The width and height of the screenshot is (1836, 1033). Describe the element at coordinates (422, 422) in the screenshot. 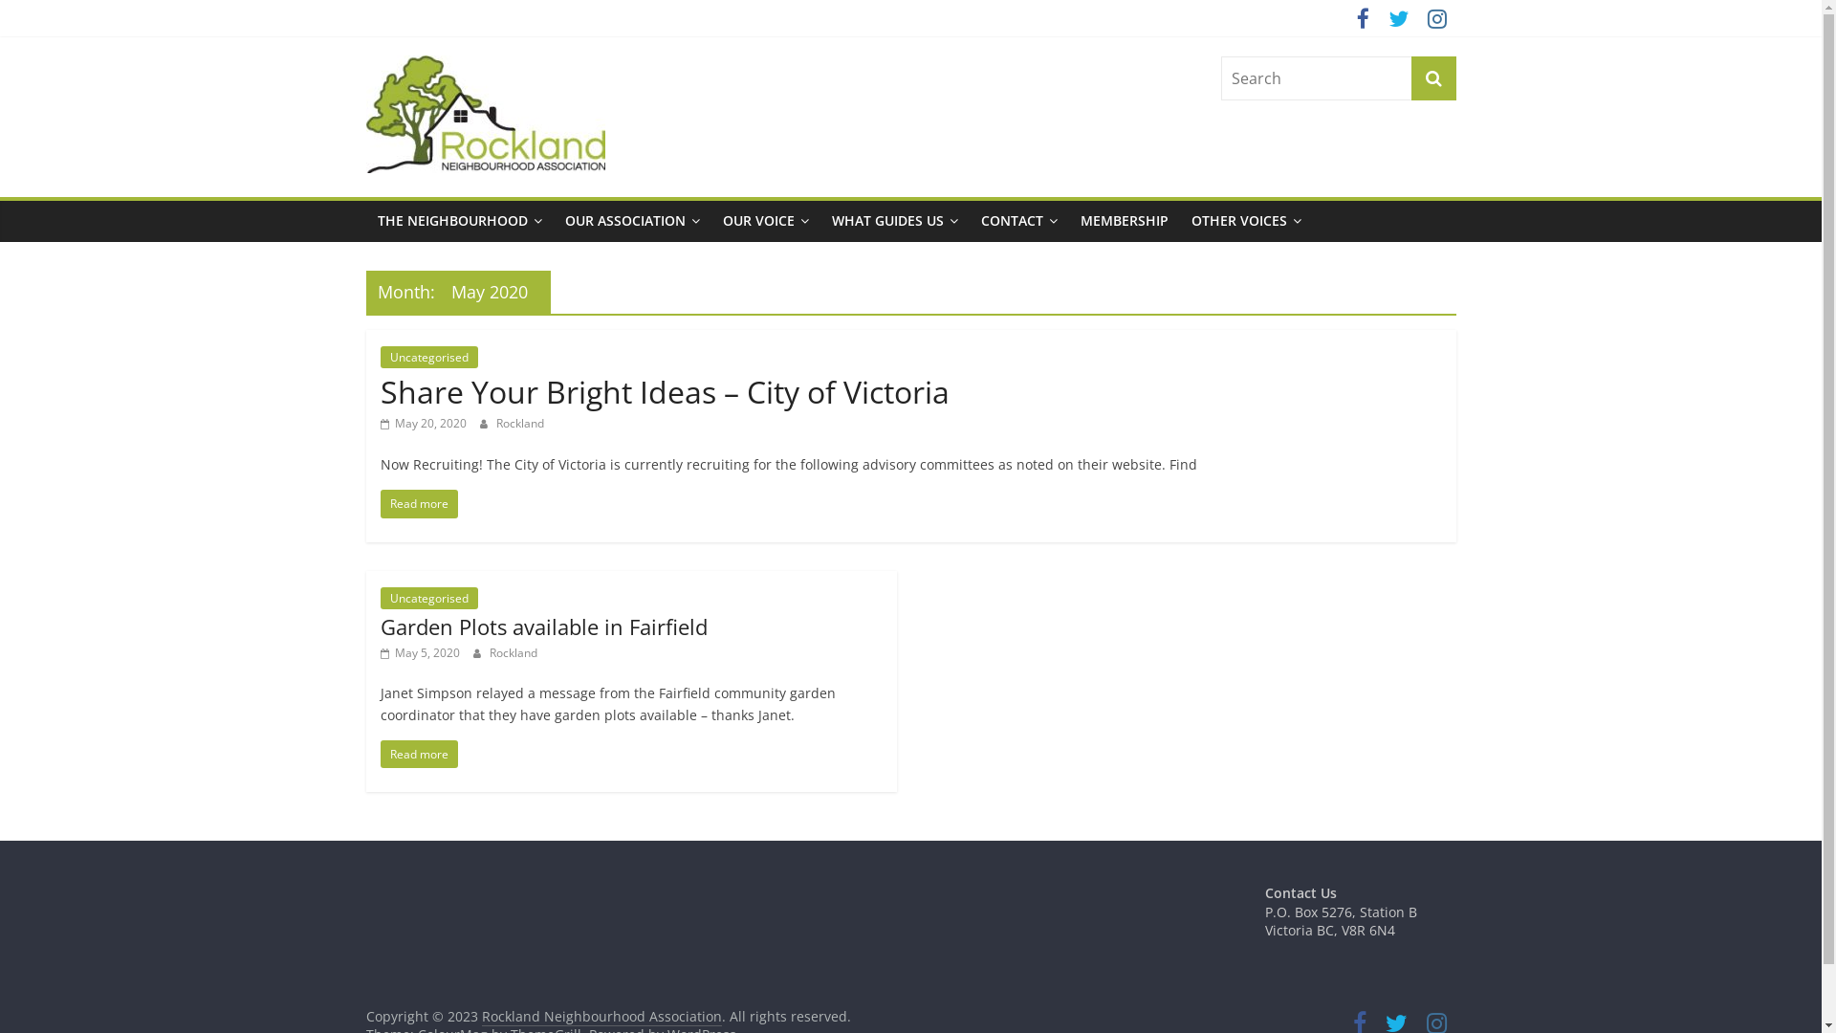

I see `'May 20, 2020'` at that location.